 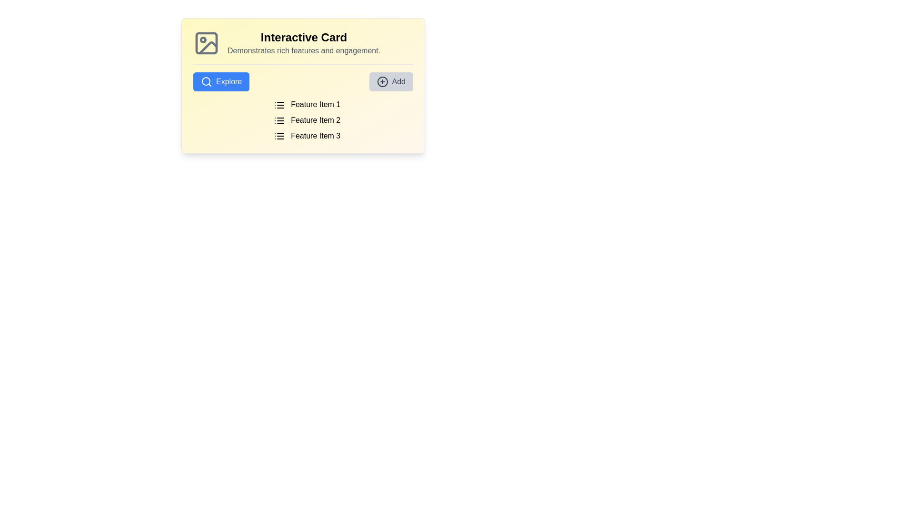 I want to click on the magnifying glass icon located to the left of the 'Explore' text within the blue rectangular button in the header section of the card-like layout, so click(x=206, y=81).